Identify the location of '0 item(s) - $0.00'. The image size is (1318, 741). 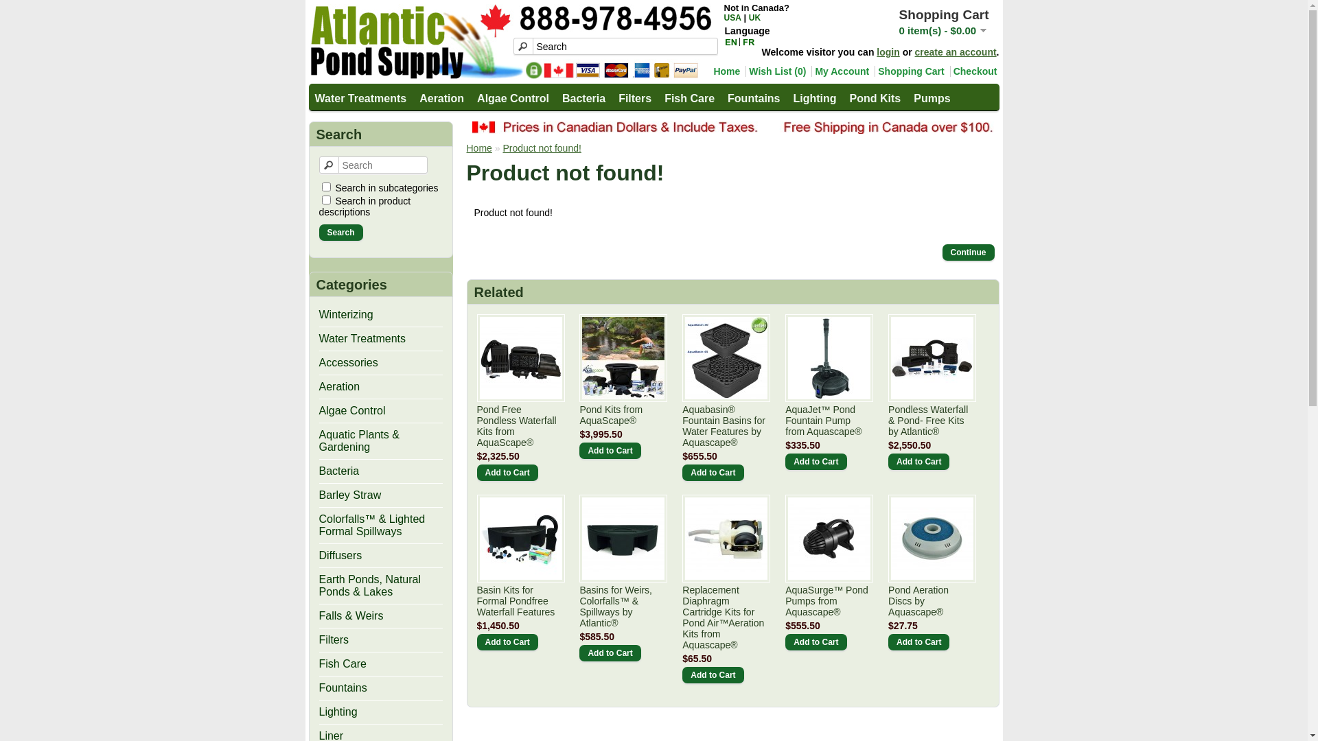
(942, 30).